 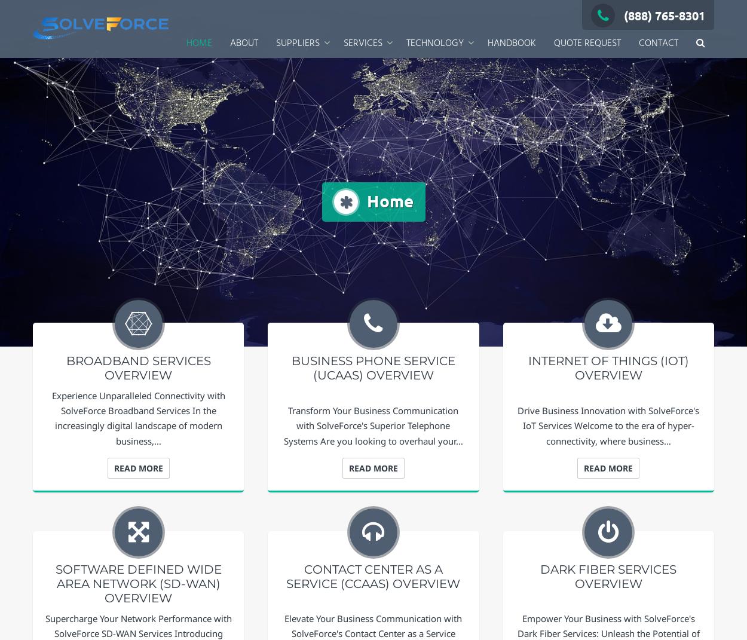 What do you see at coordinates (372, 575) in the screenshot?
I see `'Contact Center As A Service (CCaaS) Overview'` at bounding box center [372, 575].